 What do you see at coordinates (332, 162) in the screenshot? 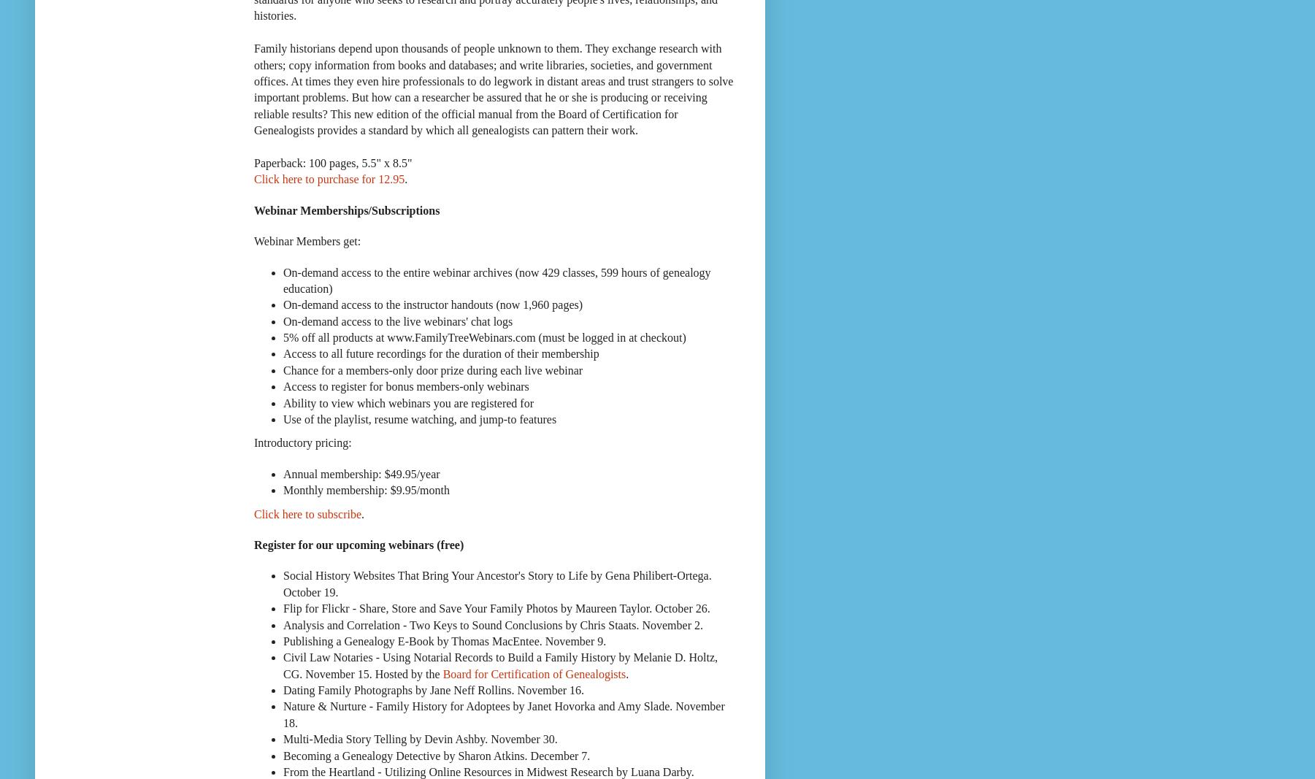
I see `'Paperback: 100 pages, 5.5" x 8.5"'` at bounding box center [332, 162].